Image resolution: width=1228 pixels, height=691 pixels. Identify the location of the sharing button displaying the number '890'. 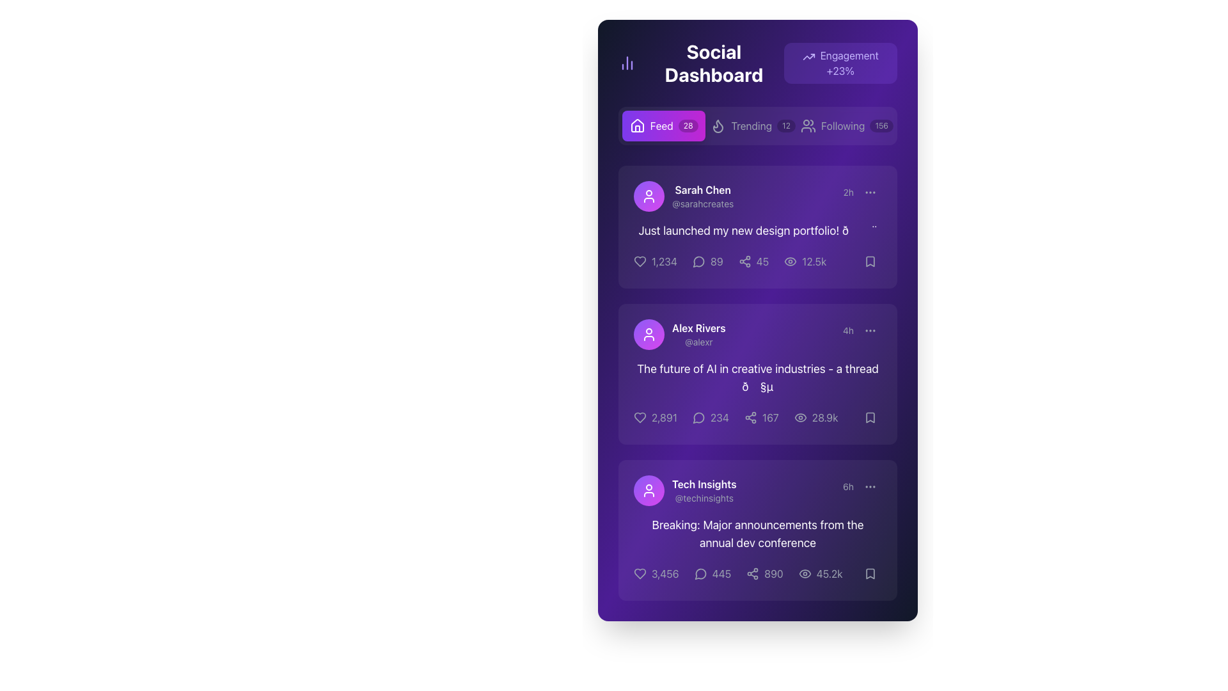
(764, 573).